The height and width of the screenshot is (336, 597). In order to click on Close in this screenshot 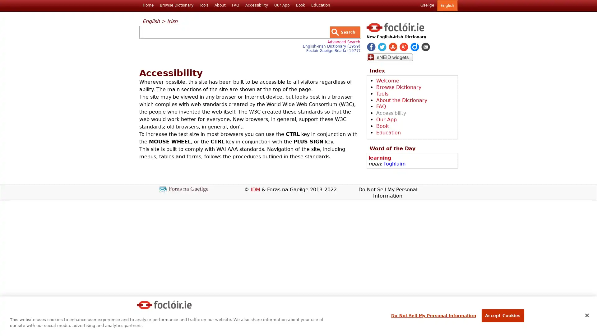, I will do `click(586, 315)`.